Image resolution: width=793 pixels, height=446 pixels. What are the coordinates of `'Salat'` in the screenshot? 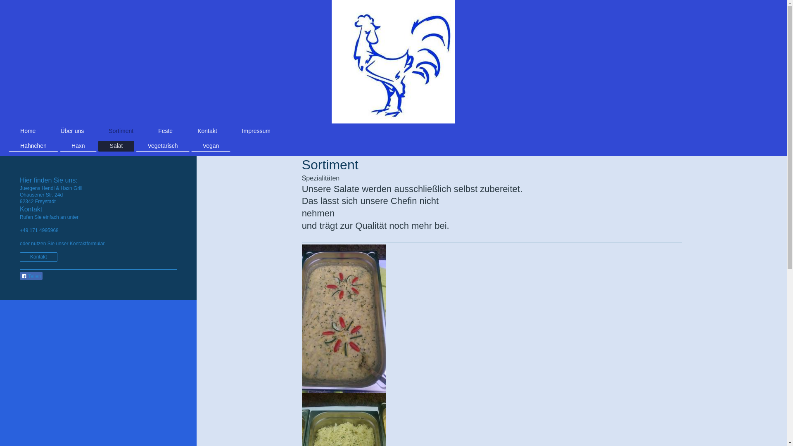 It's located at (116, 145).